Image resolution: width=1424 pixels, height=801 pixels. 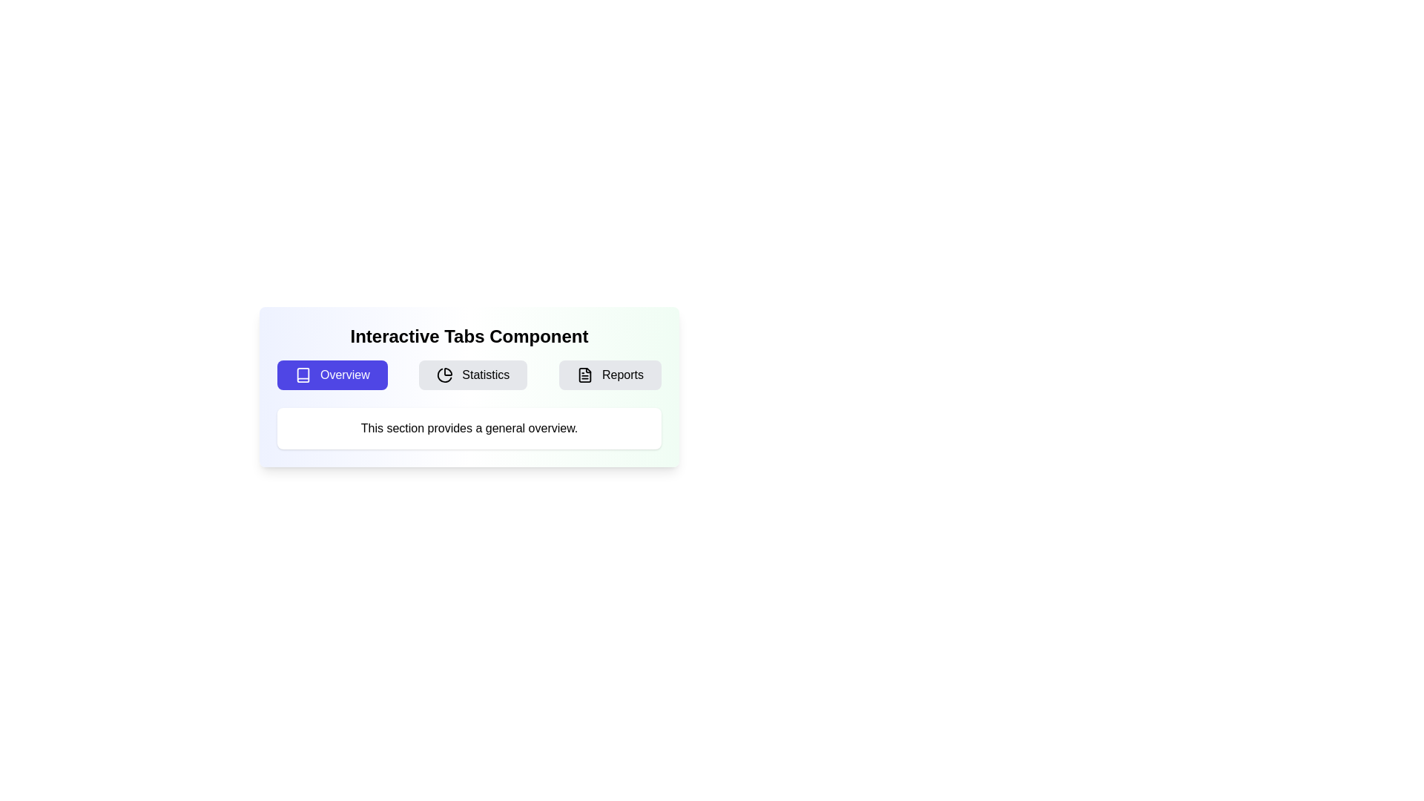 I want to click on the book icon, which is a white outline against a purple background, located at the leftmost position of the 'Overview' tab button, next to the 'Overview' label, so click(x=302, y=374).